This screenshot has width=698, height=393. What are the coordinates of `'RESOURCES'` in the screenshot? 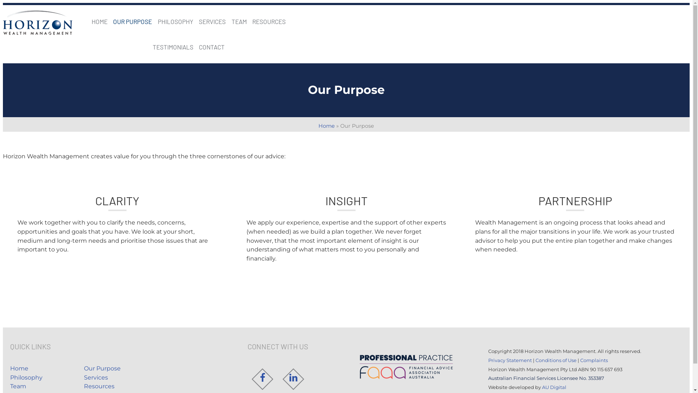 It's located at (268, 21).